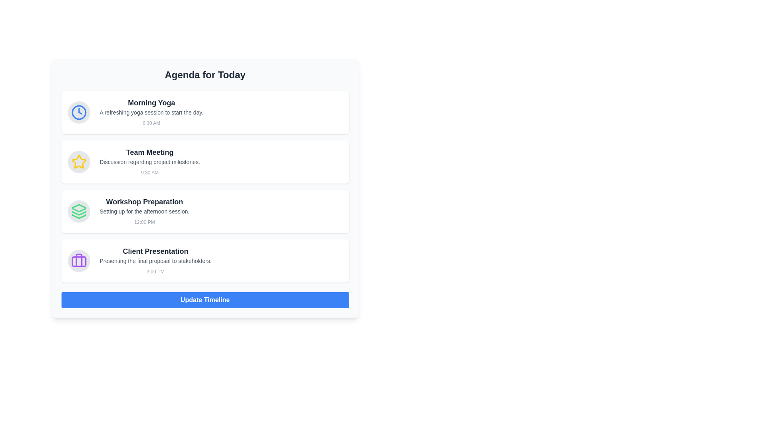 This screenshot has height=431, width=767. What do you see at coordinates (205, 261) in the screenshot?
I see `information displayed on the event card titled 'Client Presentation', which includes a purple briefcase icon, title, description, and scheduled time, located as the fourth entry in the list of events` at bounding box center [205, 261].